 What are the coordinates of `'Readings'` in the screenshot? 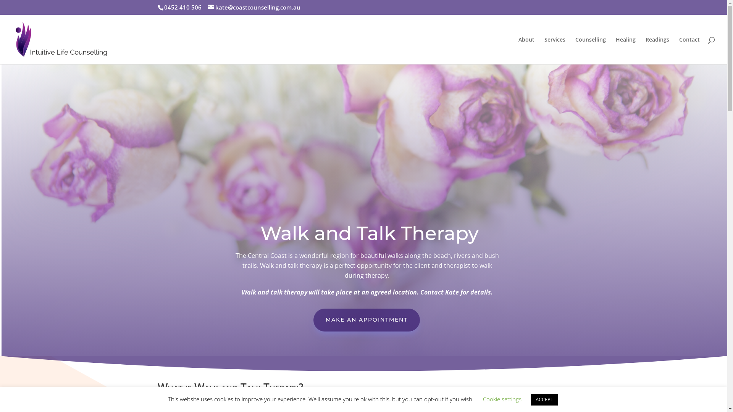 It's located at (645, 50).